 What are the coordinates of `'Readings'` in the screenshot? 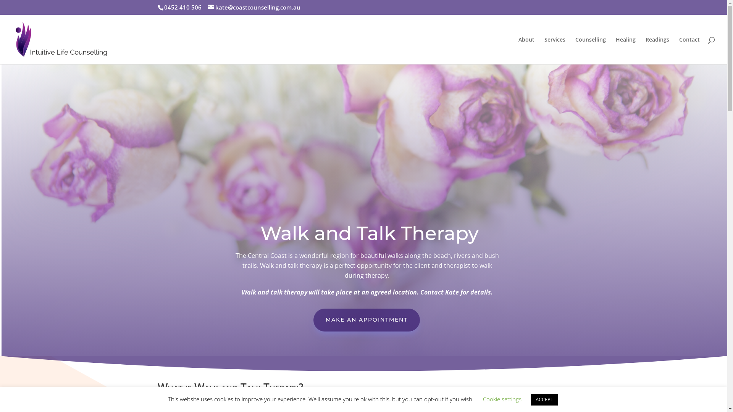 It's located at (645, 50).